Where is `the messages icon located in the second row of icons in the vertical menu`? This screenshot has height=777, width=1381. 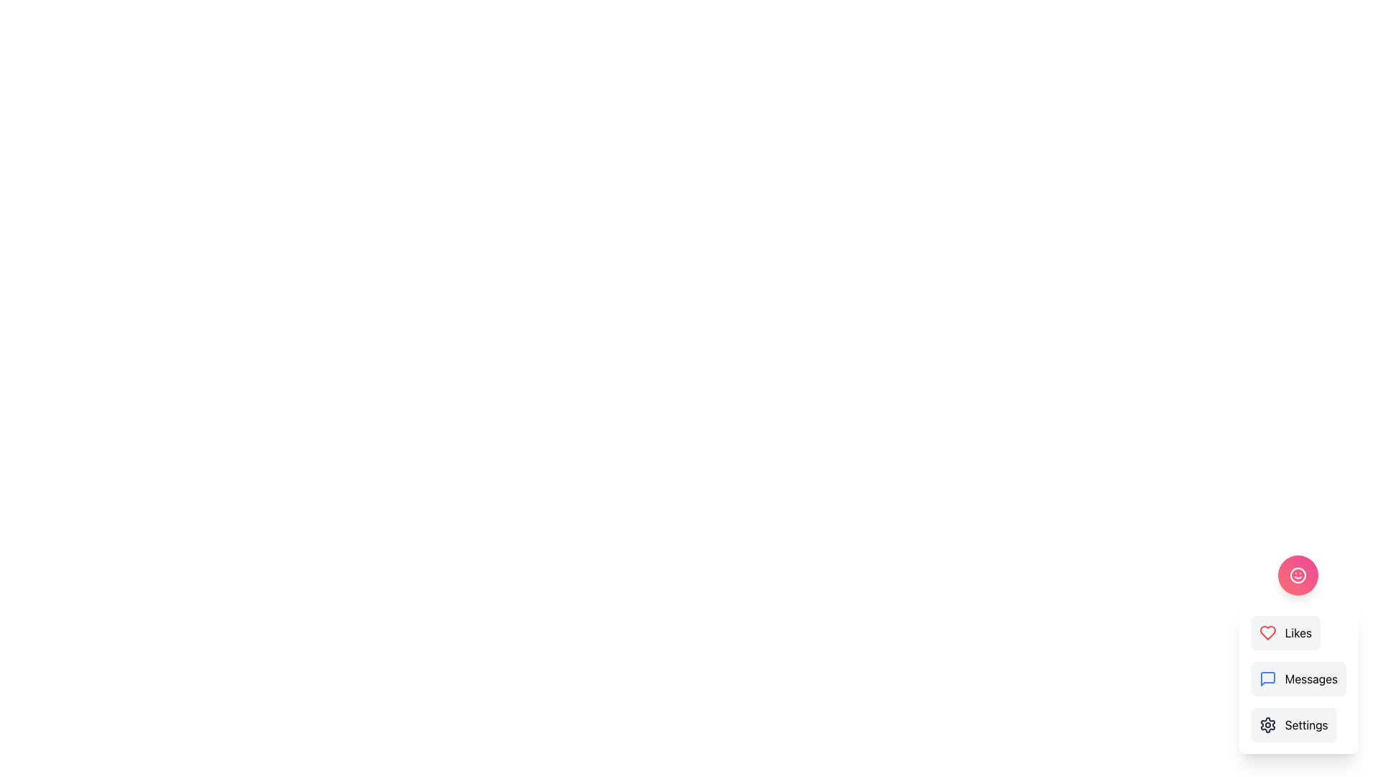 the messages icon located in the second row of icons in the vertical menu is located at coordinates (1267, 679).